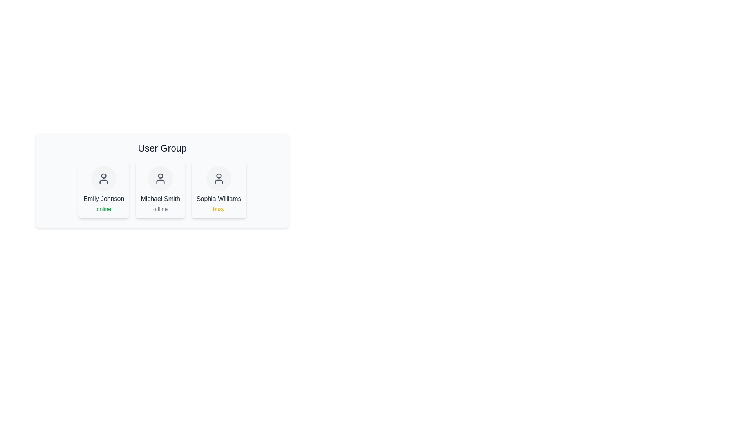 This screenshot has width=752, height=423. Describe the element at coordinates (162, 148) in the screenshot. I see `the static text label displaying 'User Group', which is a prominent group header centered above the user profile cards` at that location.